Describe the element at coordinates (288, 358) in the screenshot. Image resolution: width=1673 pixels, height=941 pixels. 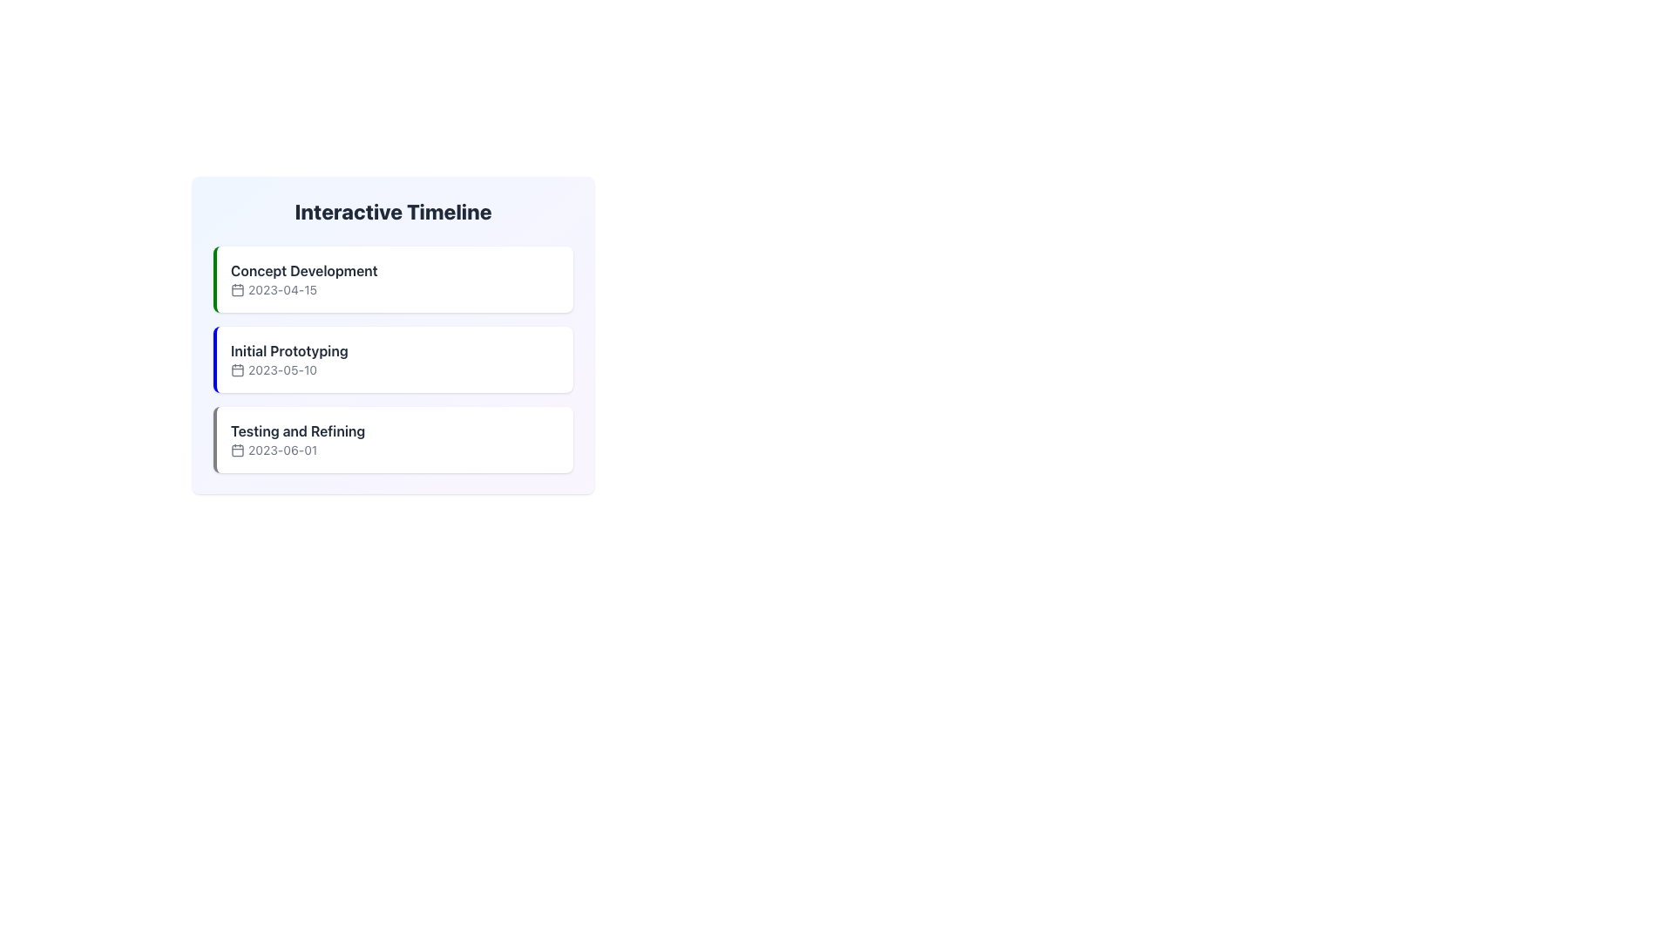
I see `to select the timeline entry represented by the text block with an associated calendar icon, which is the second item in a vertical list of three items` at that location.